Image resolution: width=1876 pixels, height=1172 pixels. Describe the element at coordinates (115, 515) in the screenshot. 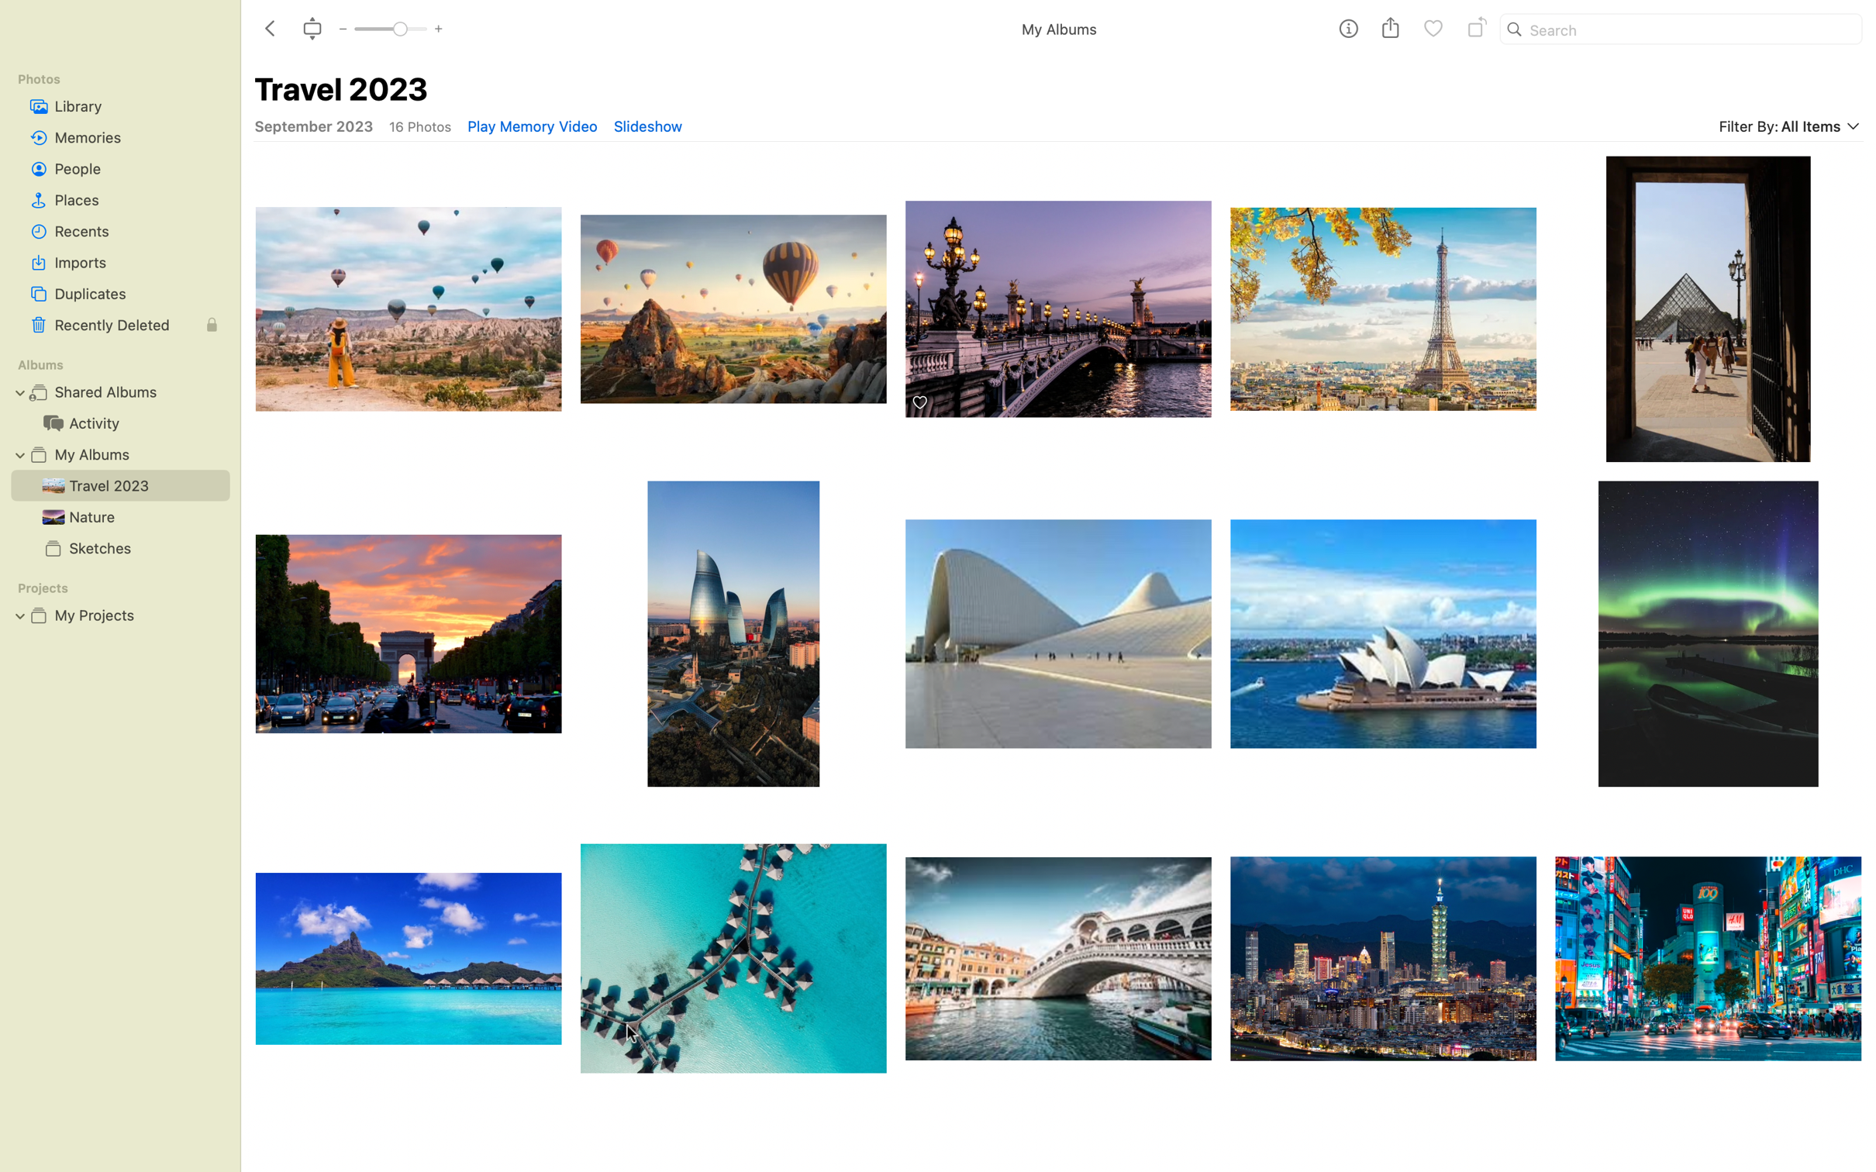

I see `Go to the album "Nature" and enlarge pictures using top bar` at that location.